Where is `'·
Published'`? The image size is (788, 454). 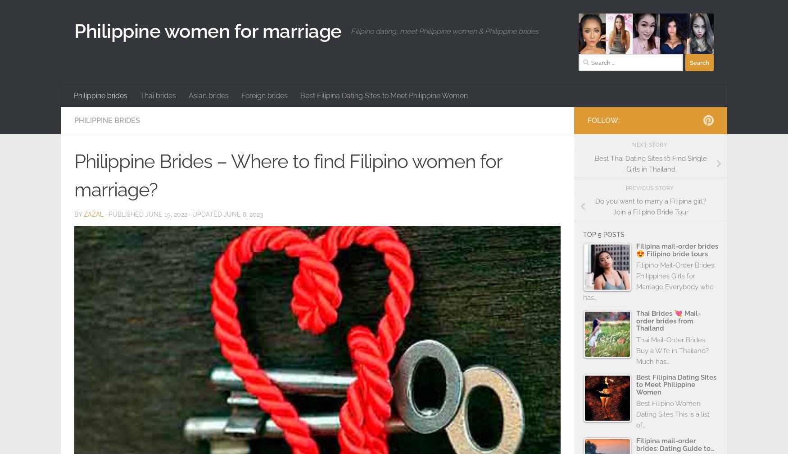 '·
Published' is located at coordinates (125, 213).